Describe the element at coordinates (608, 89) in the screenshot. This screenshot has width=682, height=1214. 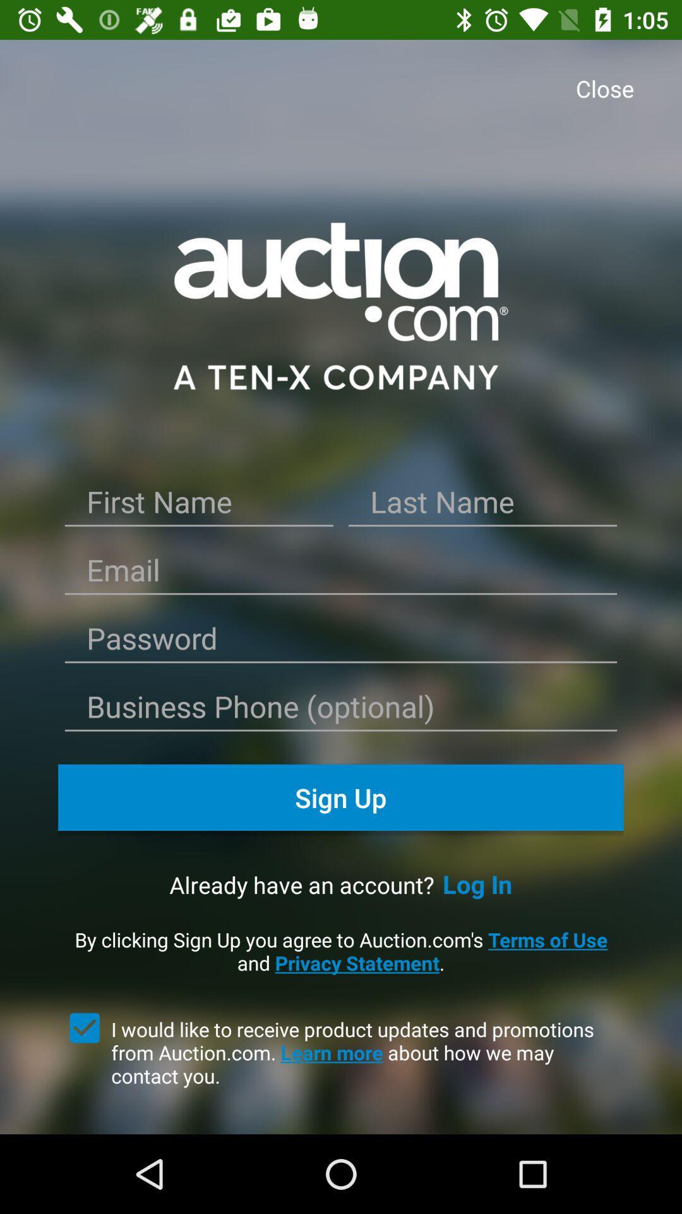
I see `item at the top right corner` at that location.